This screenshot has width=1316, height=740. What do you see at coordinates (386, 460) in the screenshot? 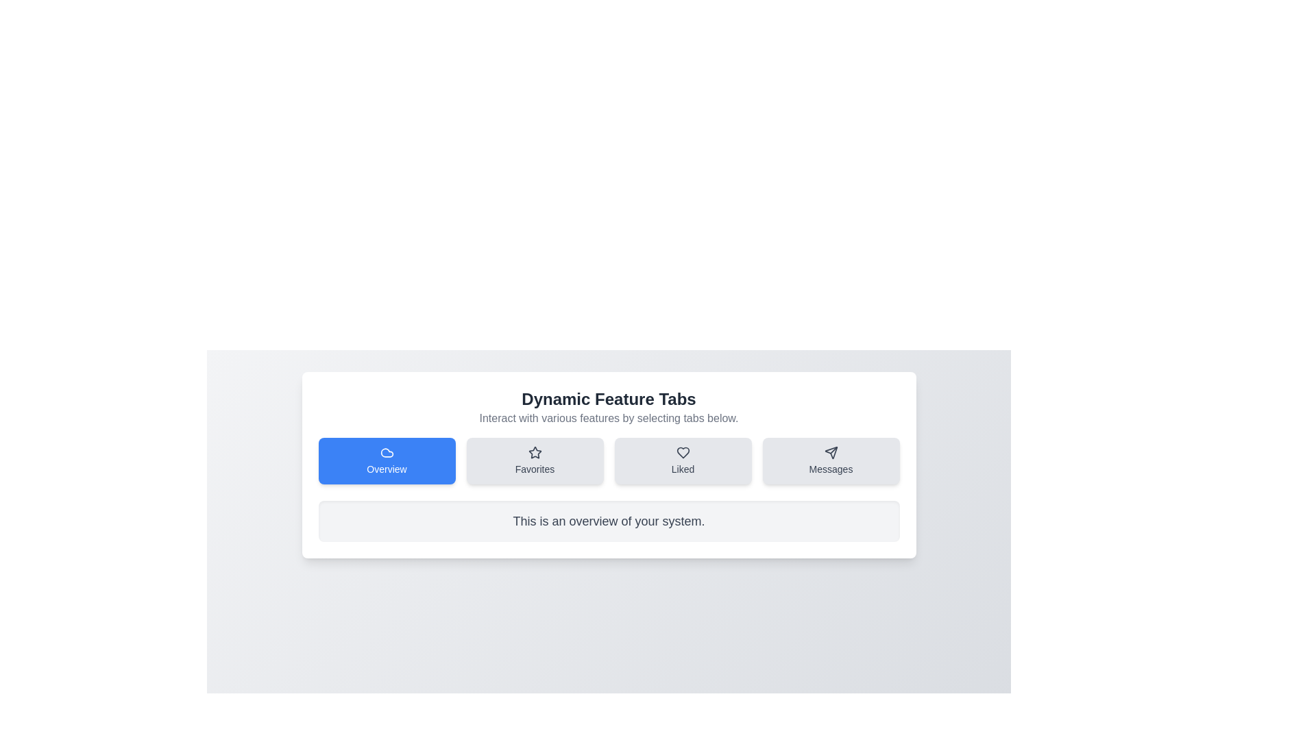
I see `the 'Overview' button, which is a rectangular button with rounded corners, blue background, and white text, located at the far-left position among its siblings in a tab group` at bounding box center [386, 460].